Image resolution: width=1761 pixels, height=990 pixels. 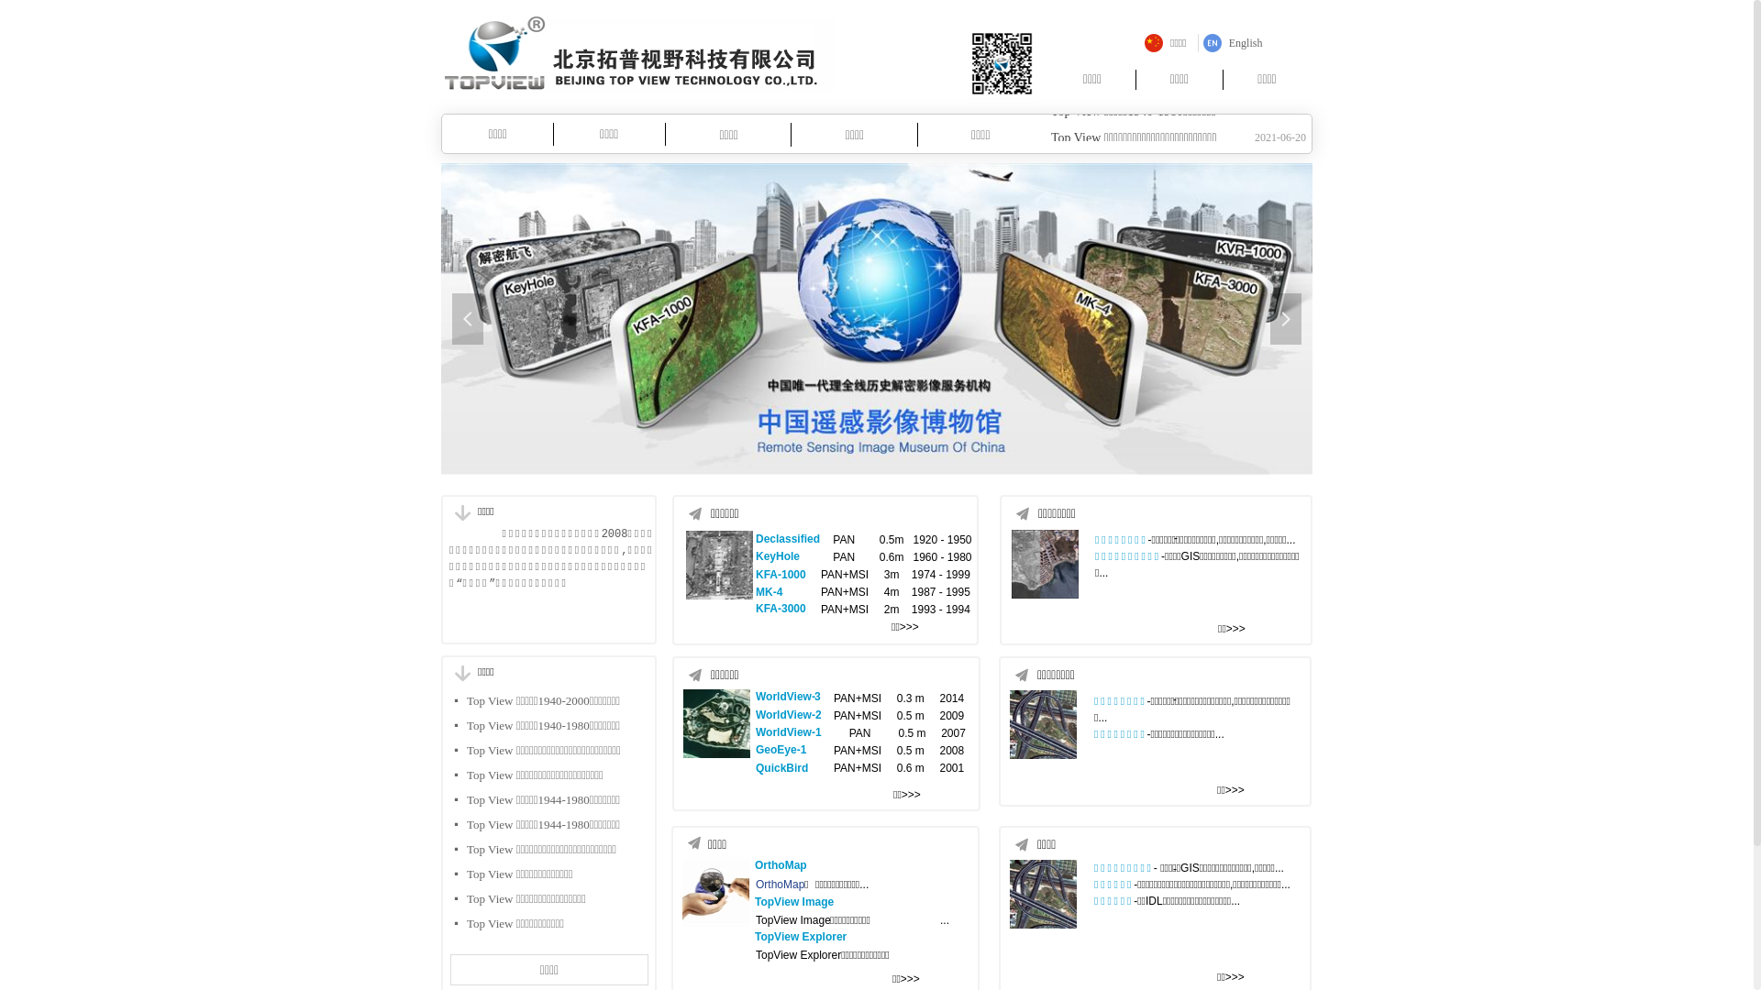 I want to click on 'GeoEye-1', so click(x=751, y=749).